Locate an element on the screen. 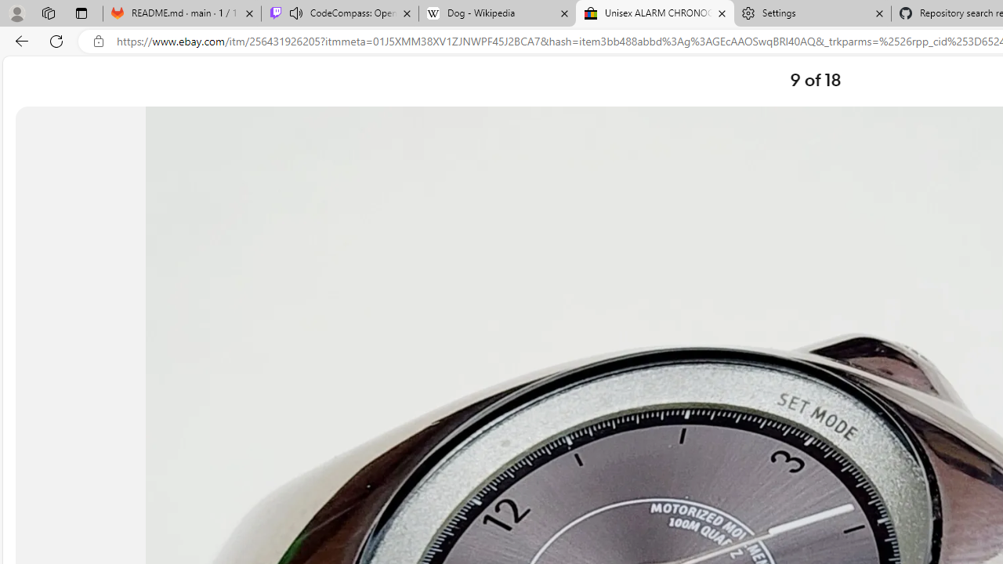 This screenshot has height=564, width=1003. 'Back' is located at coordinates (19, 40).